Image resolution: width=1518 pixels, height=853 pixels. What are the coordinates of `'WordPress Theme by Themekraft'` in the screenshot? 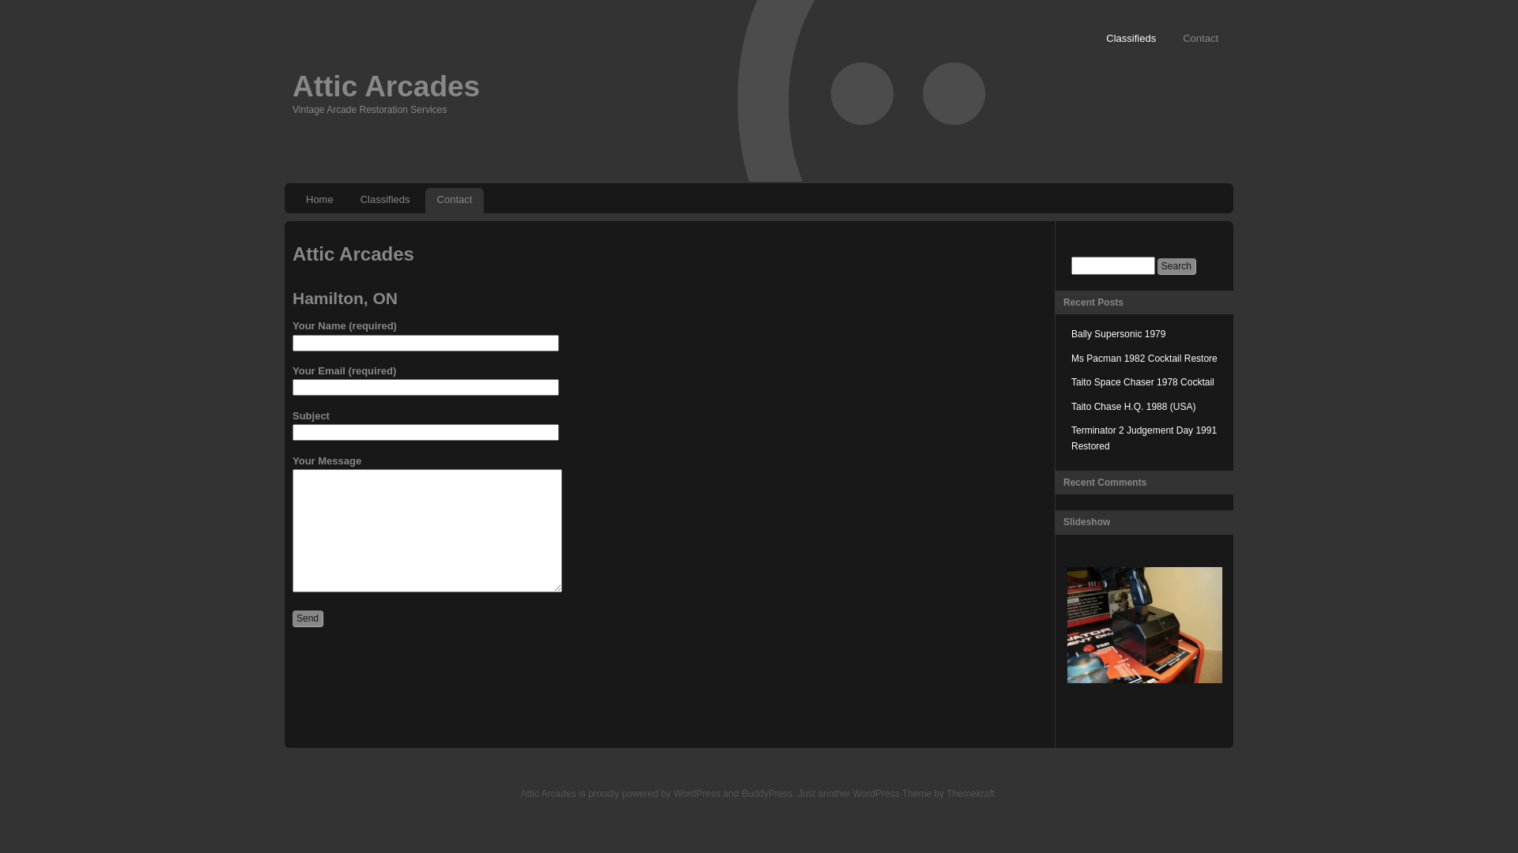 It's located at (923, 794).